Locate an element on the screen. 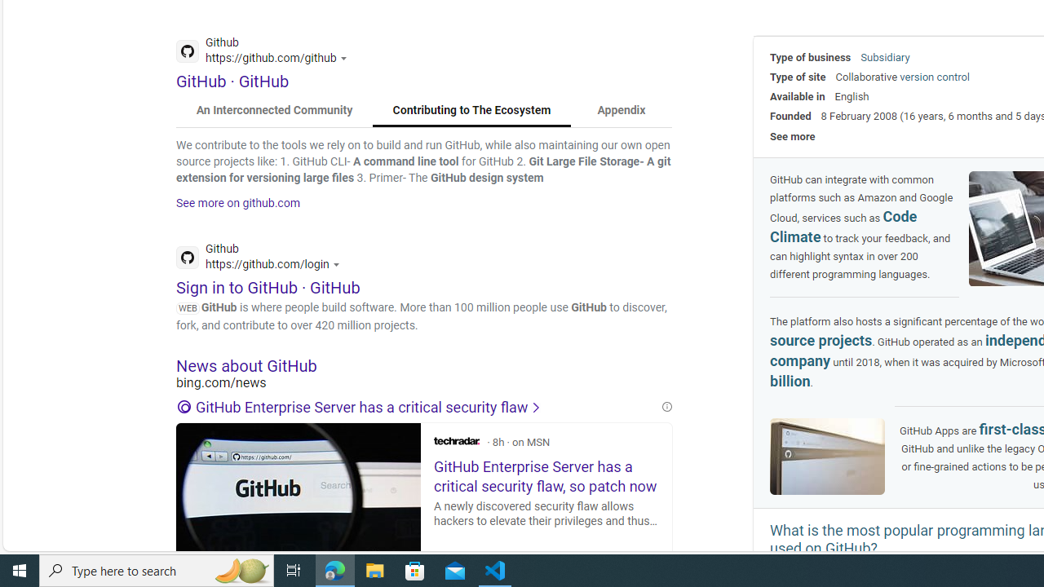  'Appendix' is located at coordinates (620, 110).